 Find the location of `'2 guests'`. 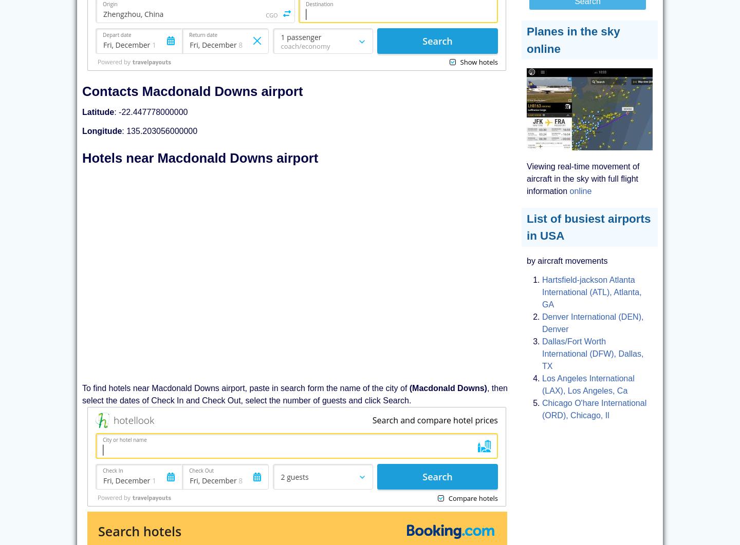

'2 guests' is located at coordinates (281, 476).